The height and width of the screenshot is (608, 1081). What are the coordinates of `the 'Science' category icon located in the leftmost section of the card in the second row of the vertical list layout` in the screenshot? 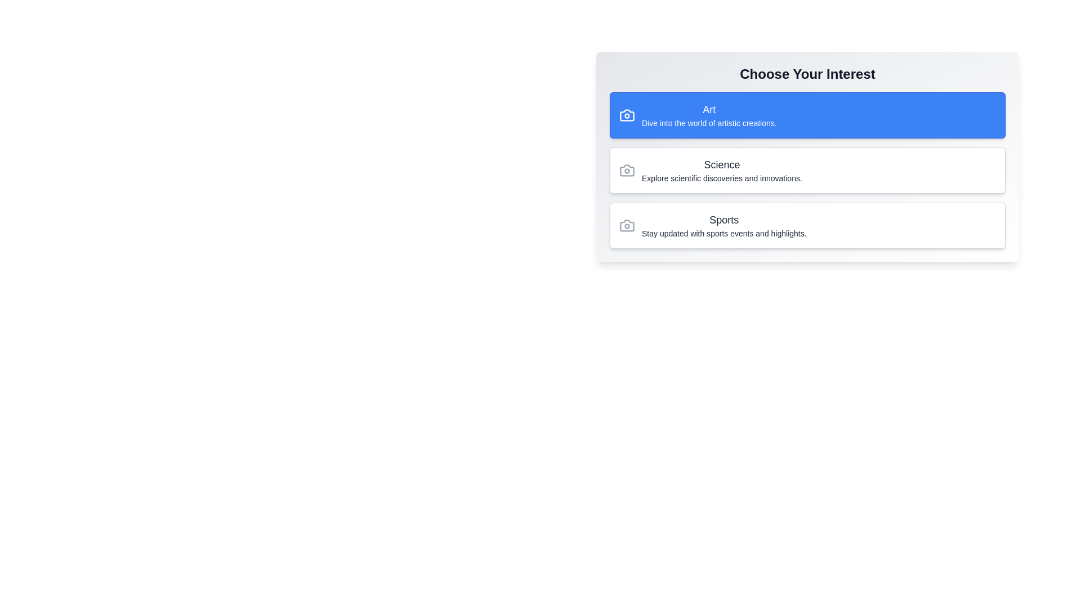 It's located at (626, 171).